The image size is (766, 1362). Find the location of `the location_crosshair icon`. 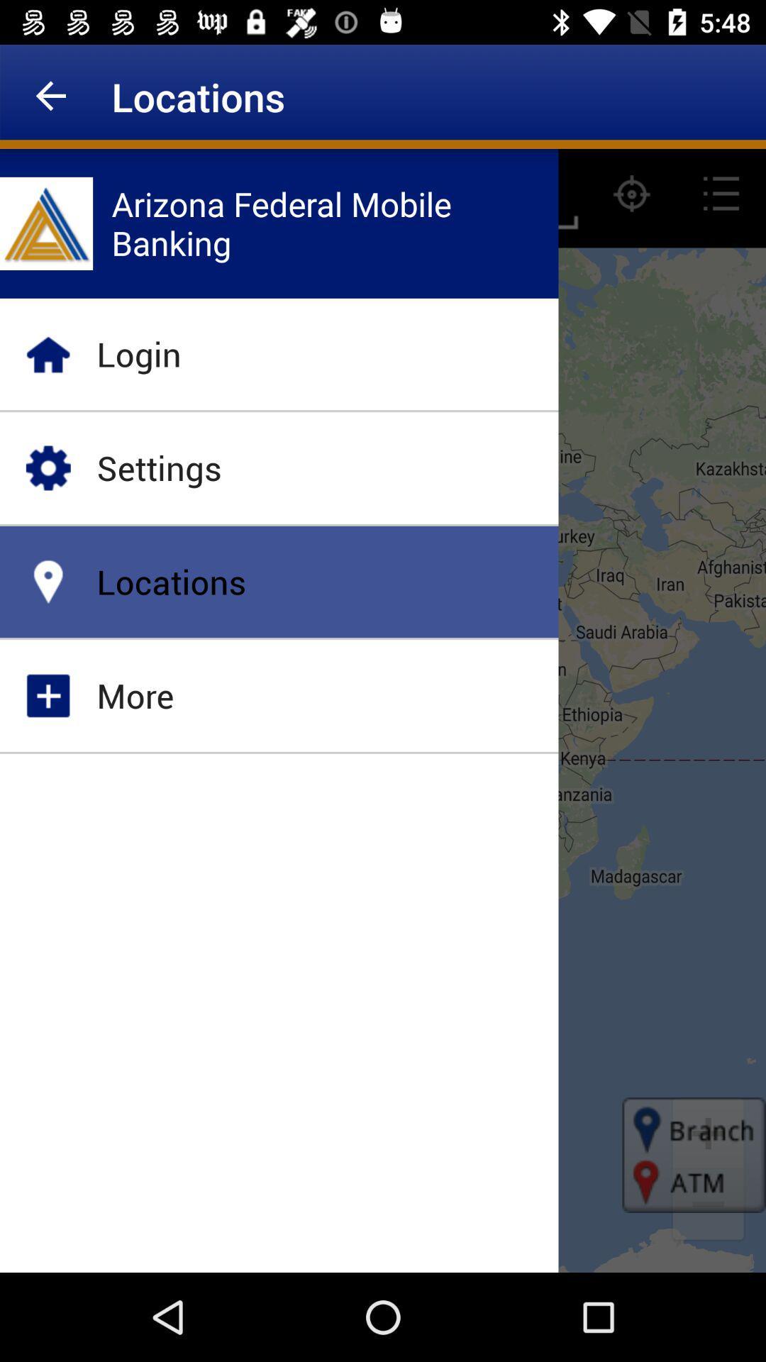

the location_crosshair icon is located at coordinates (631, 193).